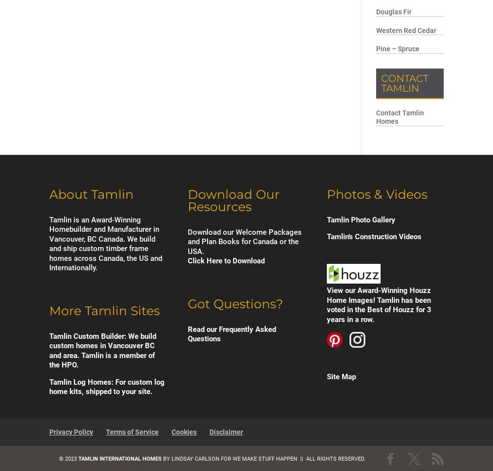 The width and height of the screenshot is (493, 471). What do you see at coordinates (188, 260) in the screenshot?
I see `'Click Here to Download'` at bounding box center [188, 260].